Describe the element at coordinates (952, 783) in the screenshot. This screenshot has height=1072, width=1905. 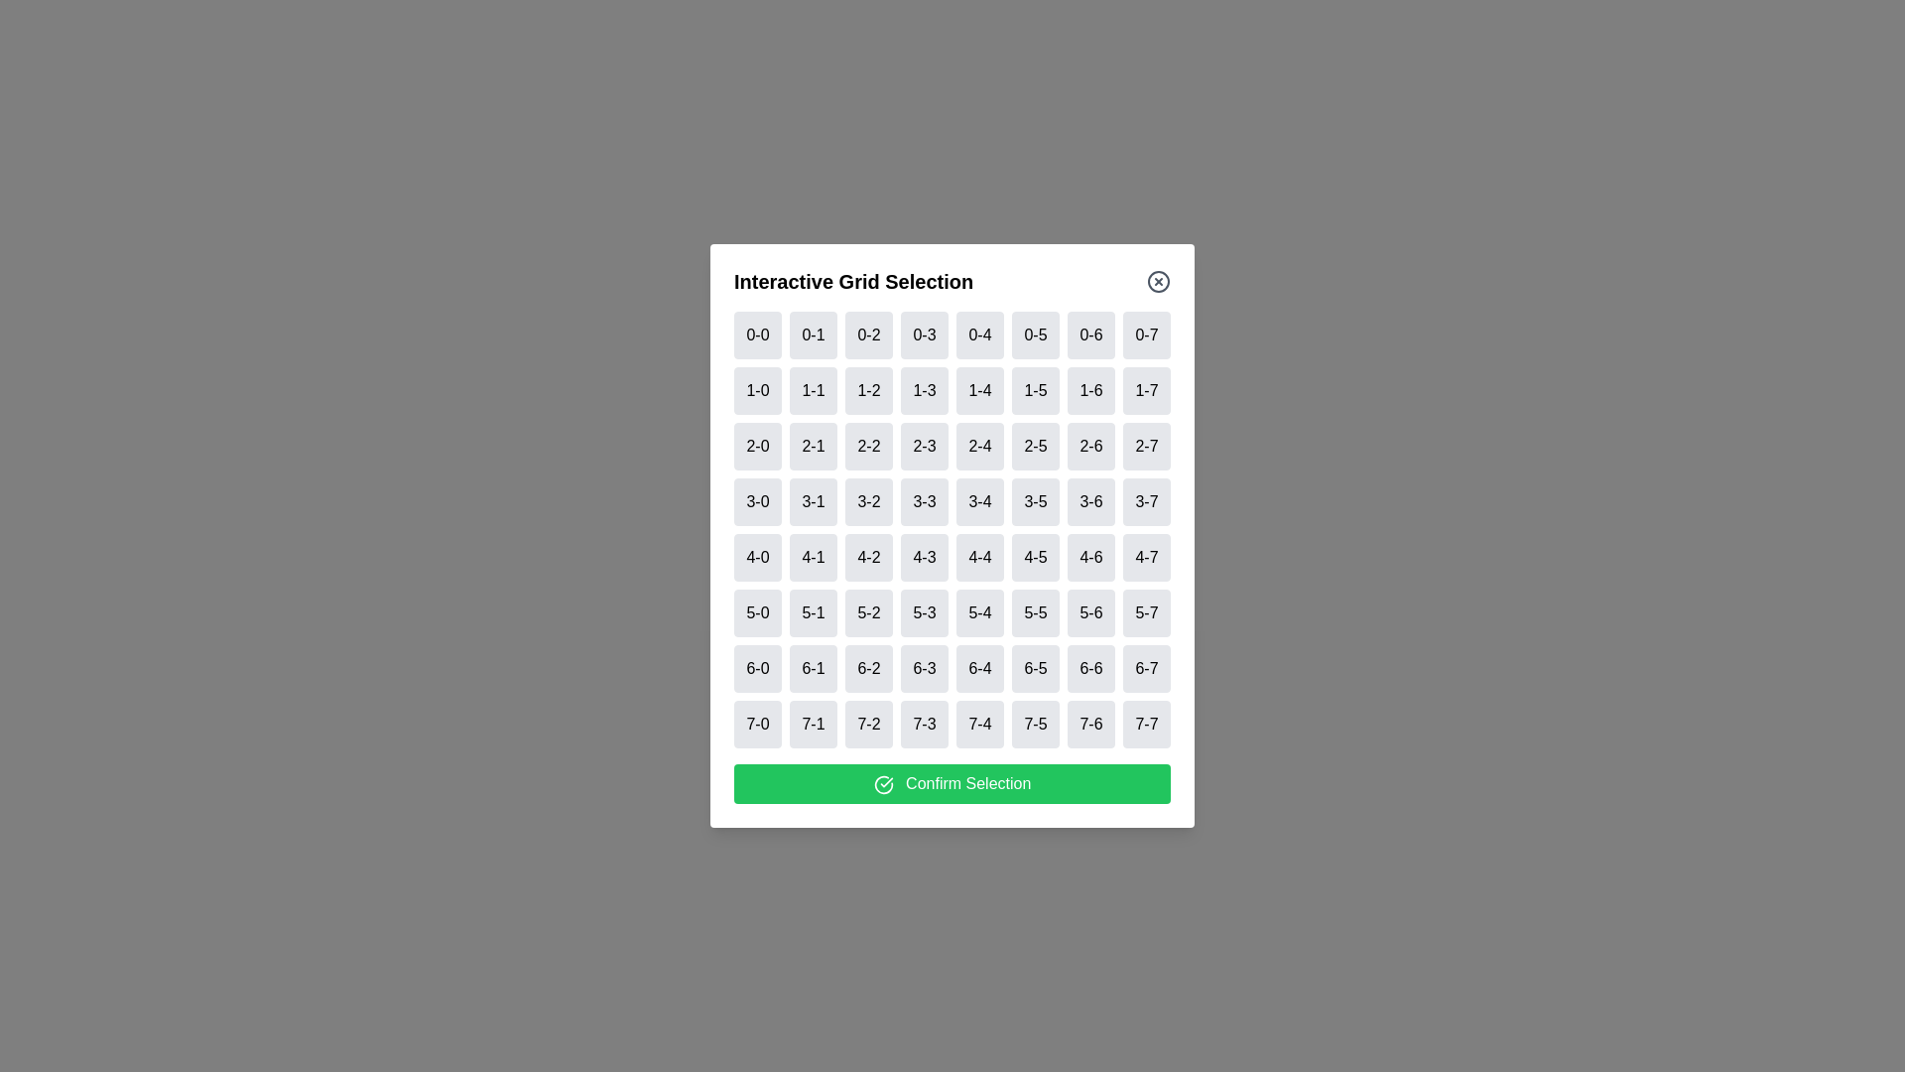
I see `the 'Confirm Selection' button to finalize the selection` at that location.